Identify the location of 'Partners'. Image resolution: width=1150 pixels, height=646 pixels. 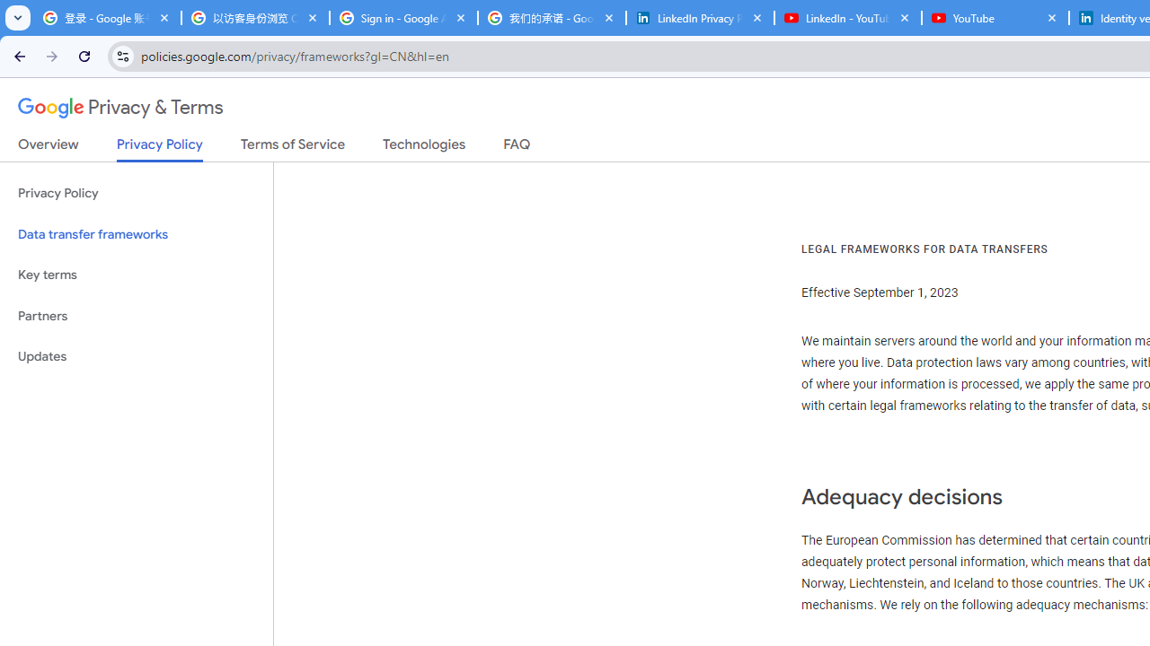
(136, 315).